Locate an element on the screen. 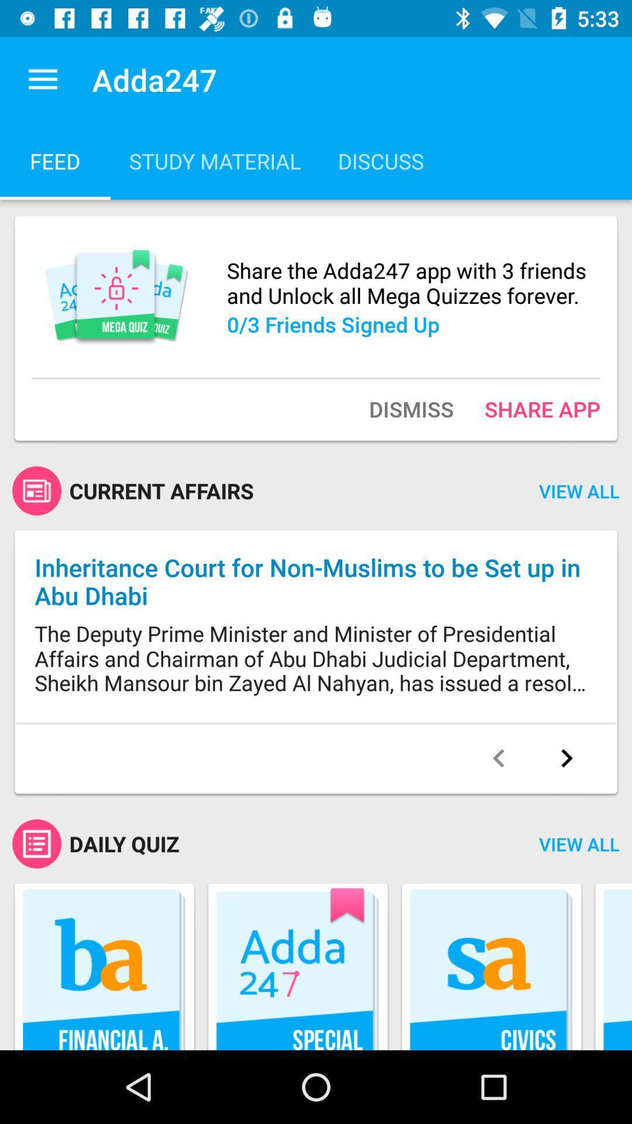 The image size is (632, 1124). next is located at coordinates (566, 758).